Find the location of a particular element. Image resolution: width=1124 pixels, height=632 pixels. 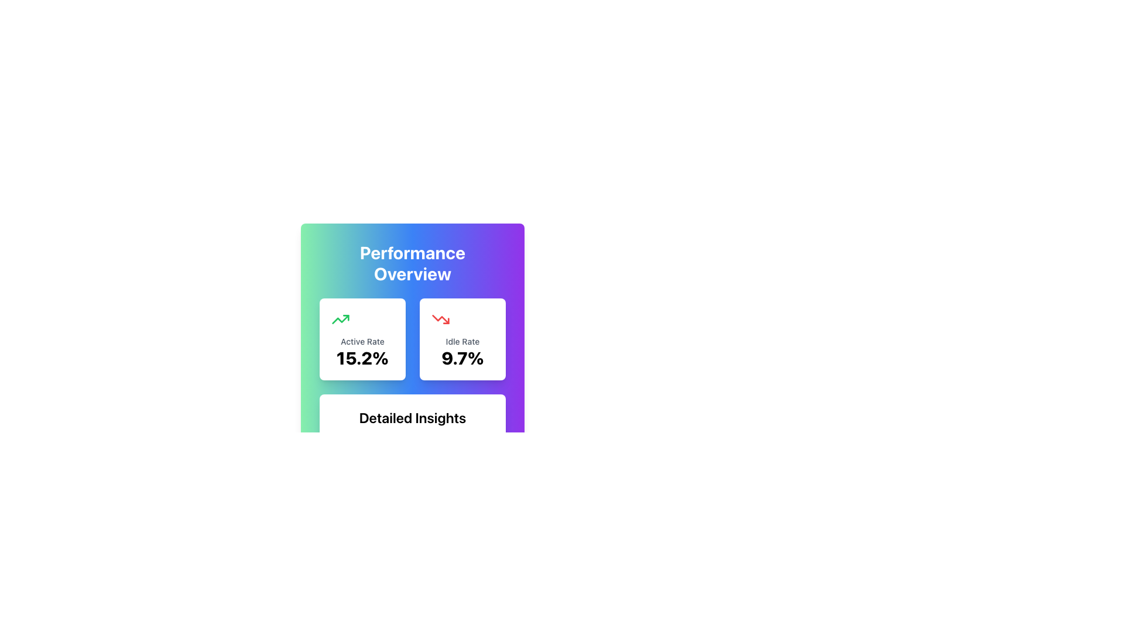

the 'Idle Rate' text label, which is positioned beneath the red downward arrow icon and above the '9.7%' text, located at the top-right of the card is located at coordinates (462, 341).